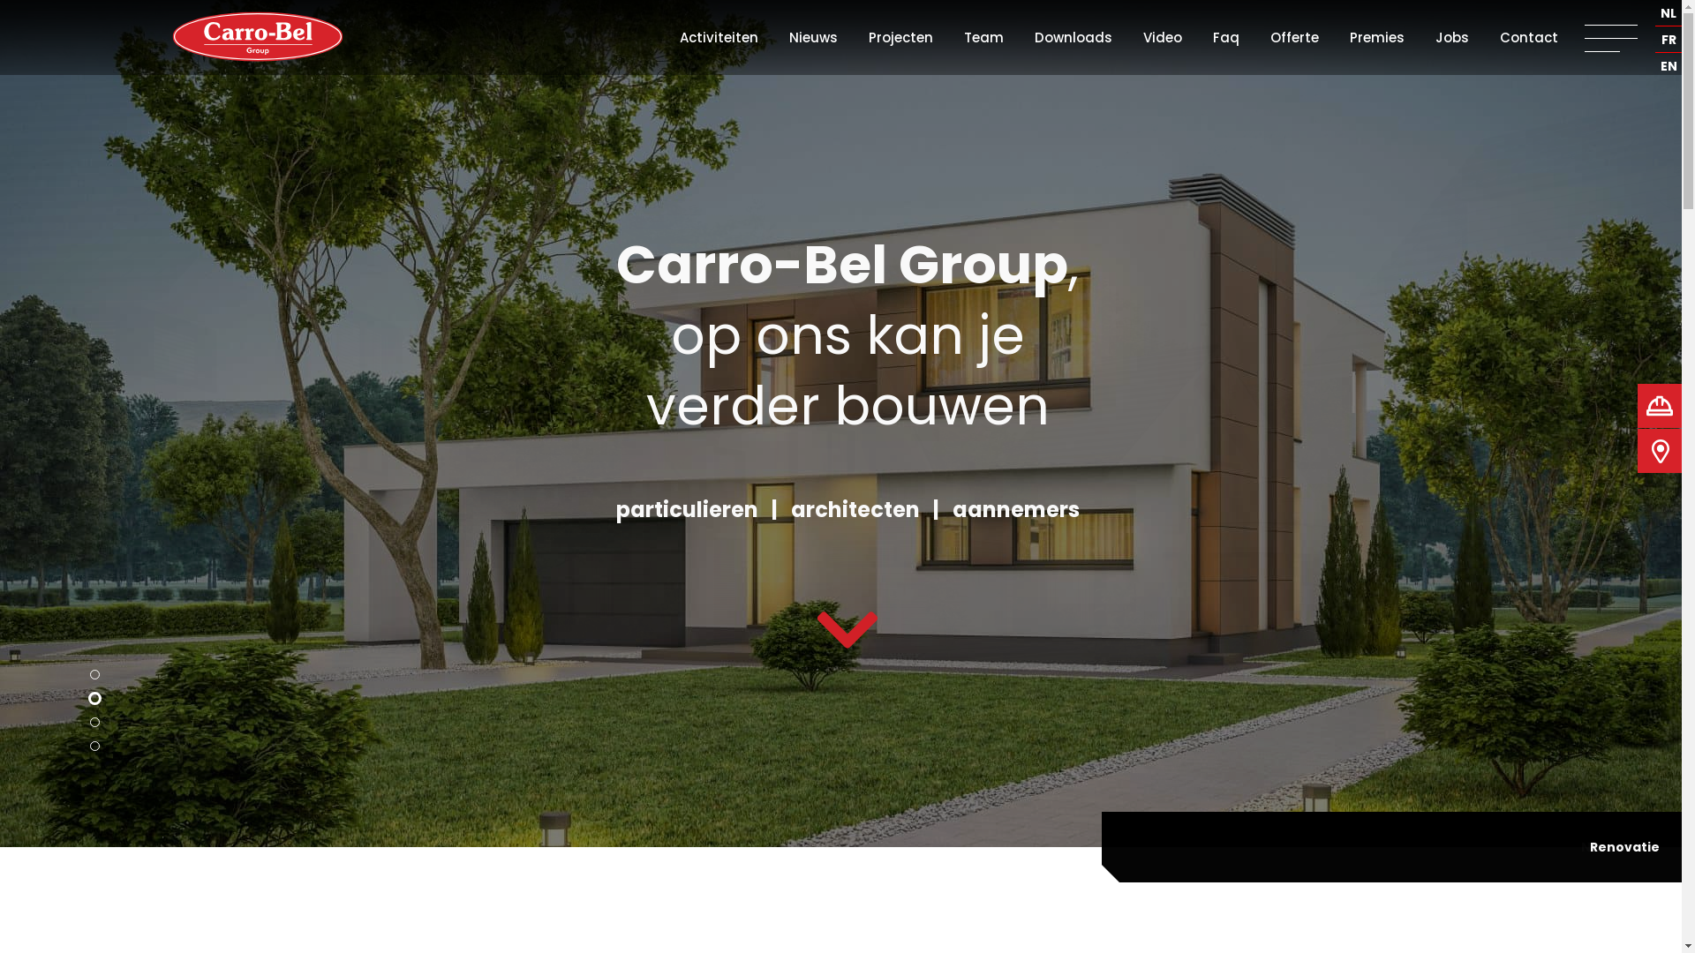  Describe the element at coordinates (1143, 37) in the screenshot. I see `'Video'` at that location.